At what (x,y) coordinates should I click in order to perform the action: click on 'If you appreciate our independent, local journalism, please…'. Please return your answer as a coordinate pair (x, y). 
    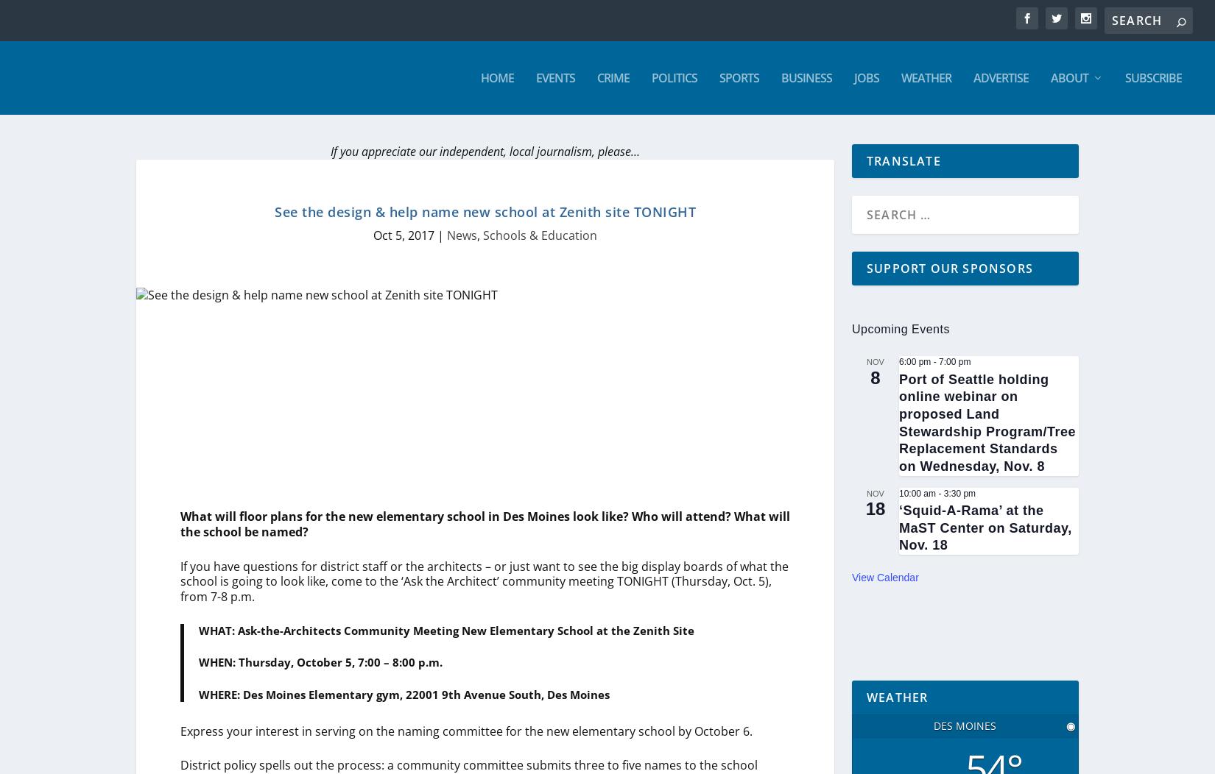
    Looking at the image, I should click on (485, 151).